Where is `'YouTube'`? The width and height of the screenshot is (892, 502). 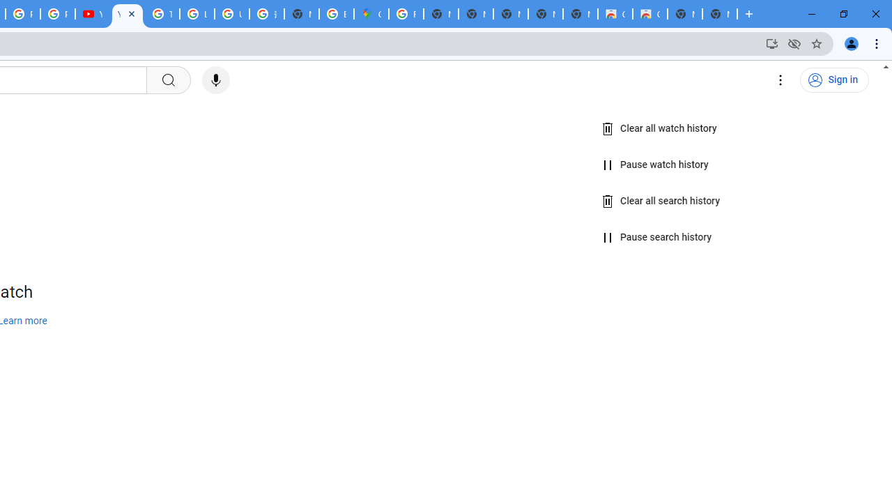
'YouTube' is located at coordinates (91, 14).